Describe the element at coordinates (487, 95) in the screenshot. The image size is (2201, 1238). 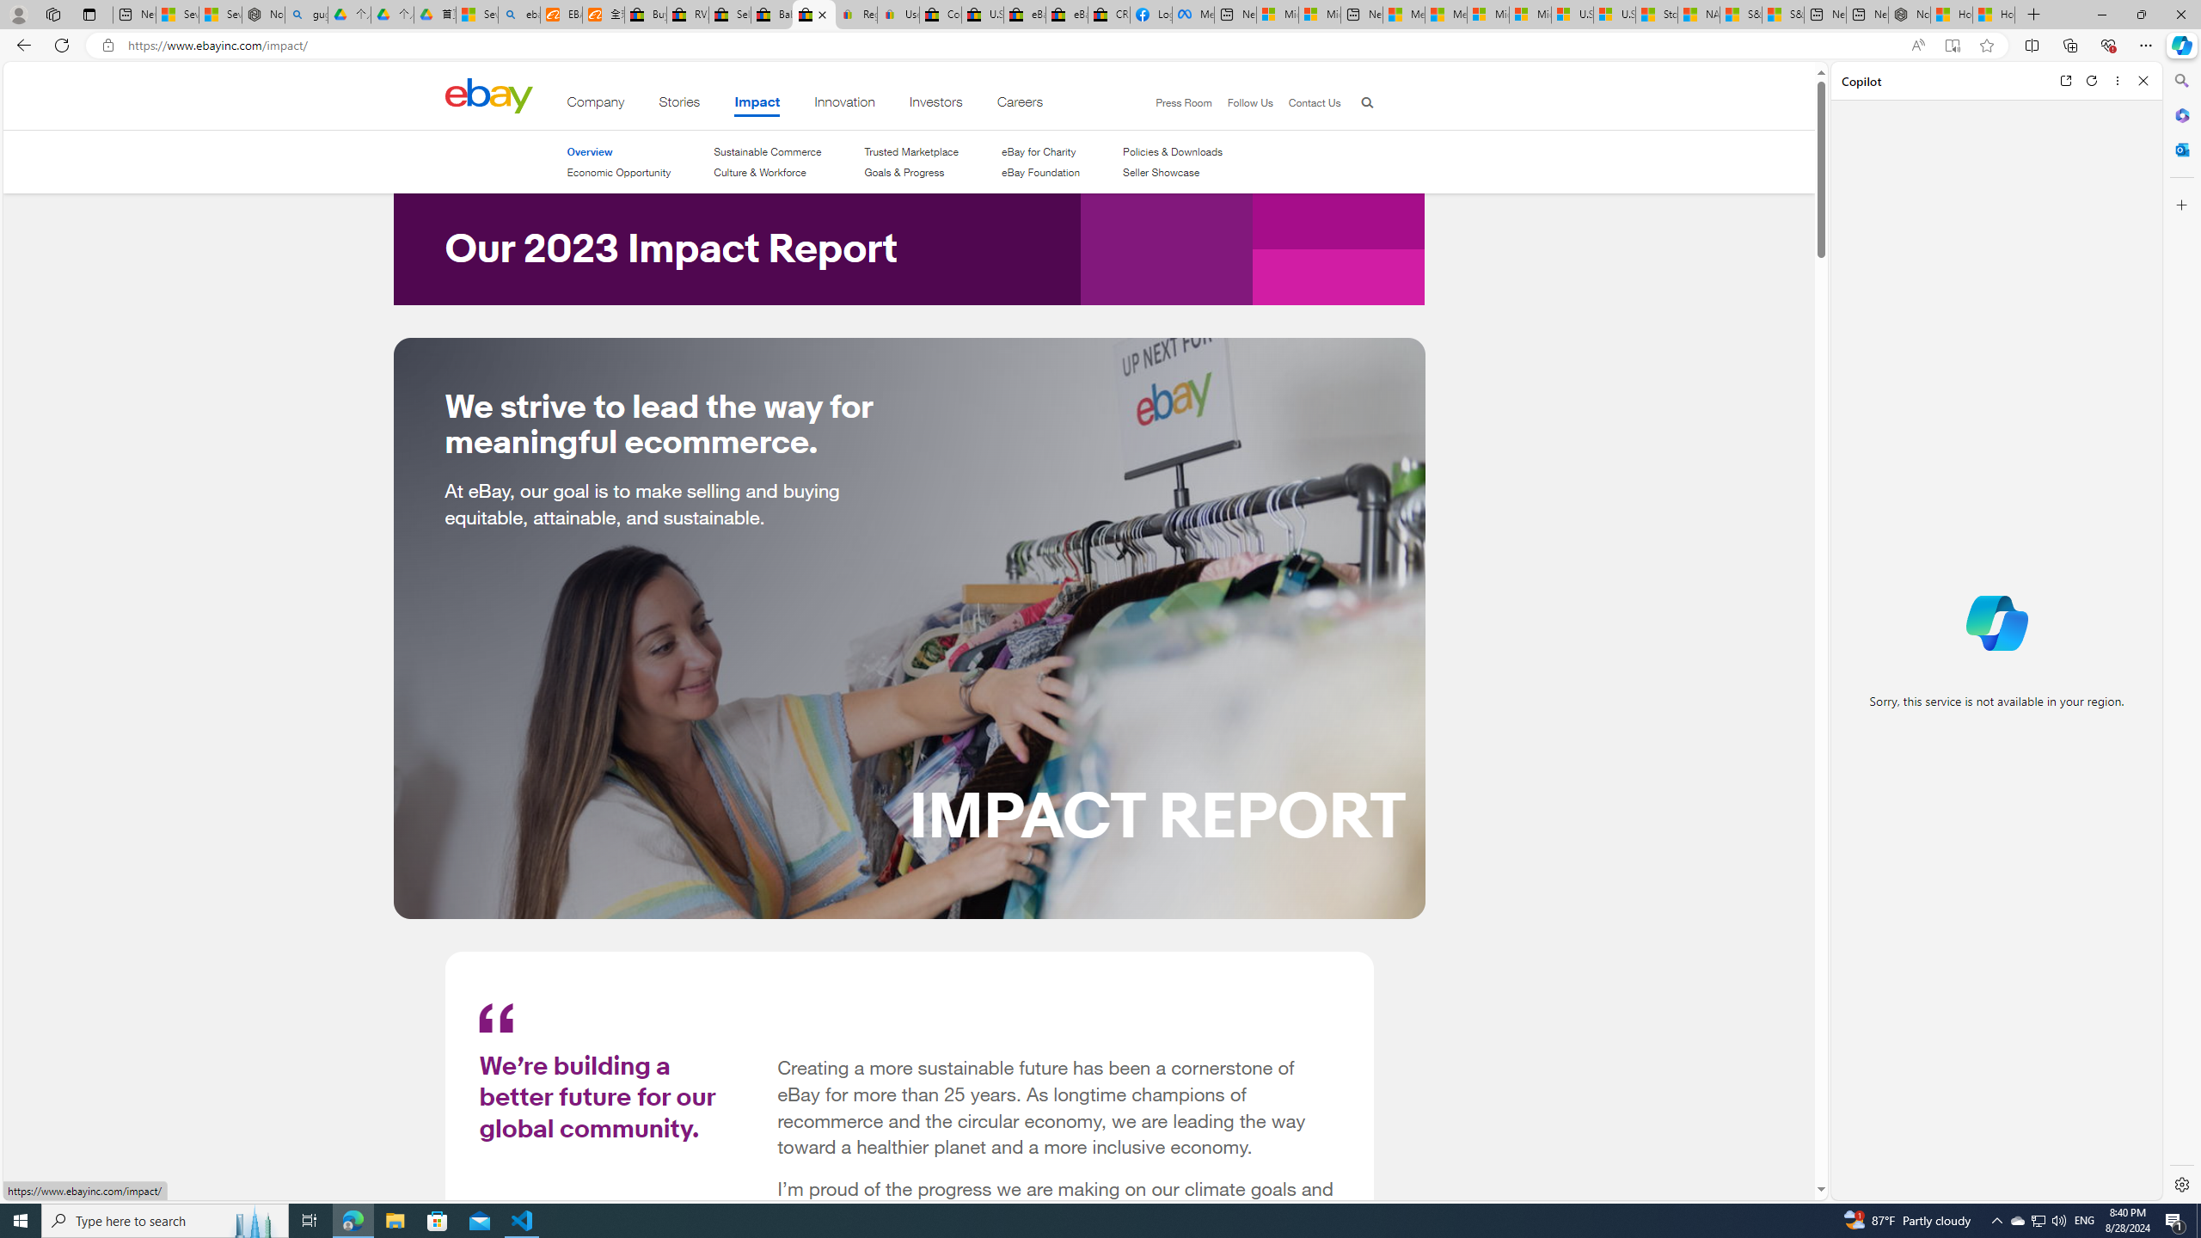
I see `'Class: desktop'` at that location.